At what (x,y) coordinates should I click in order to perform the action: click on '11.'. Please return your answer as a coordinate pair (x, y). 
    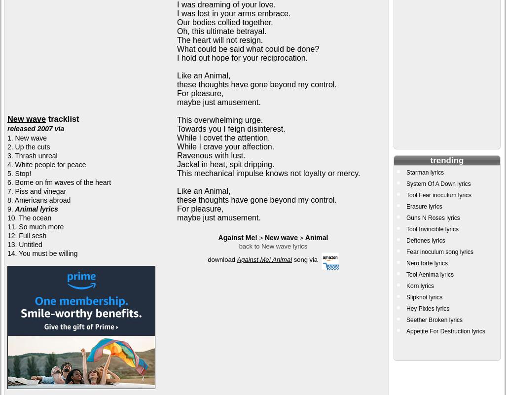
    Looking at the image, I should click on (13, 227).